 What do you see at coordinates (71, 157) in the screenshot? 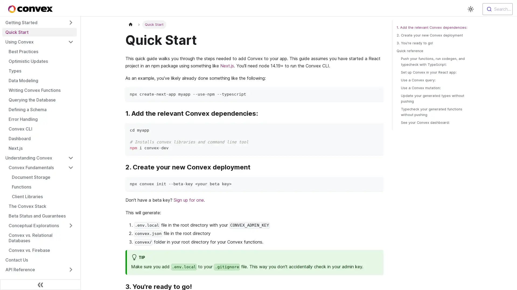
I see `Toggle the collapsible sidebar category 'Understanding Convex'` at bounding box center [71, 157].